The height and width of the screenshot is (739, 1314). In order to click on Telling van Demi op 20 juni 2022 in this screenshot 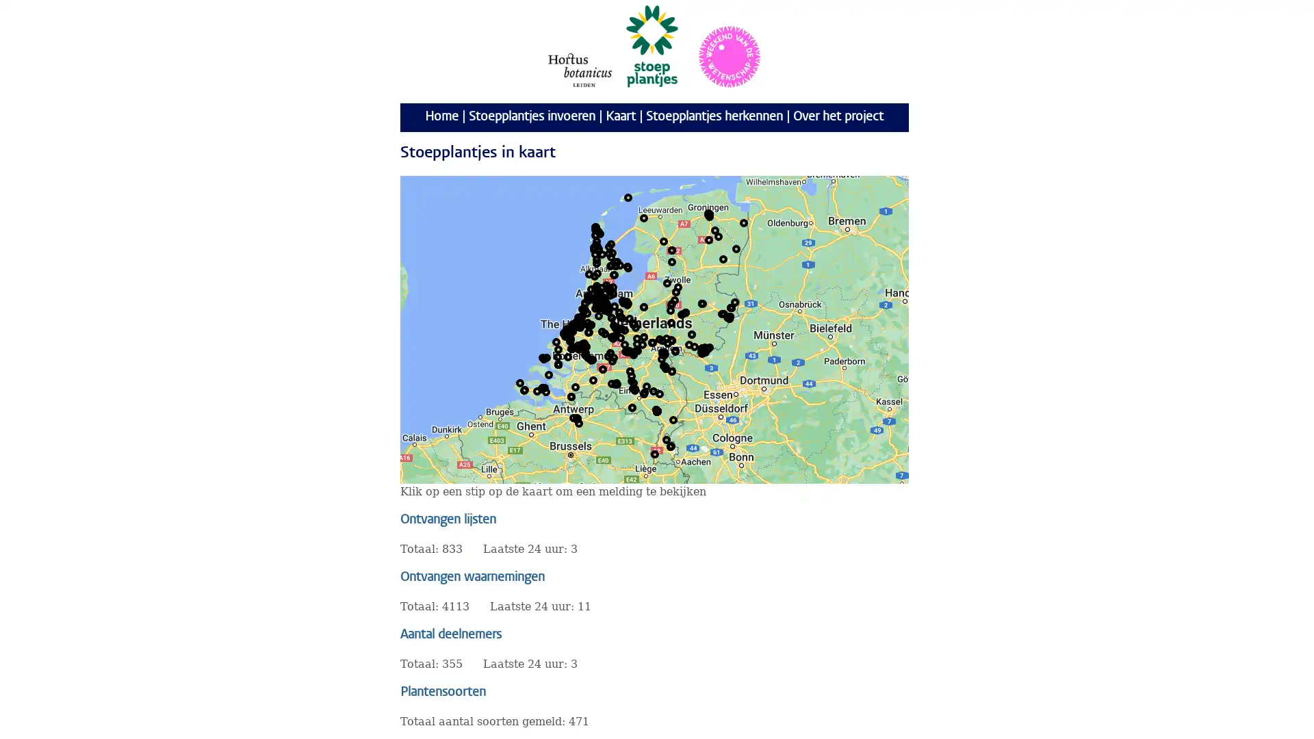, I will do `click(579, 319)`.